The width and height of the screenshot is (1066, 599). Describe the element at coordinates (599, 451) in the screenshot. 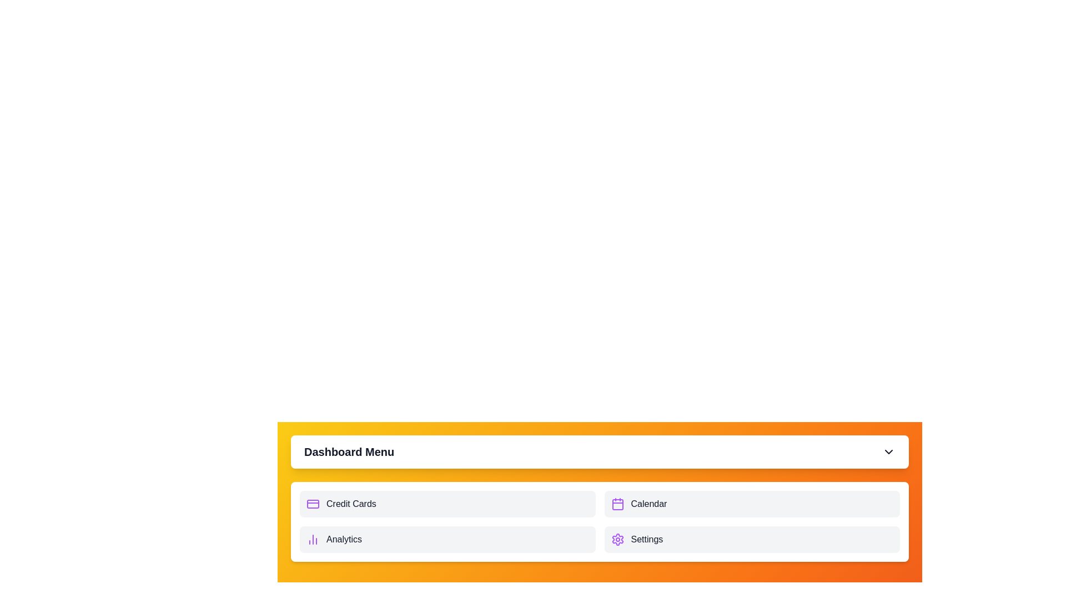

I see `the header of the Dashboard Menu to toggle its visibility` at that location.